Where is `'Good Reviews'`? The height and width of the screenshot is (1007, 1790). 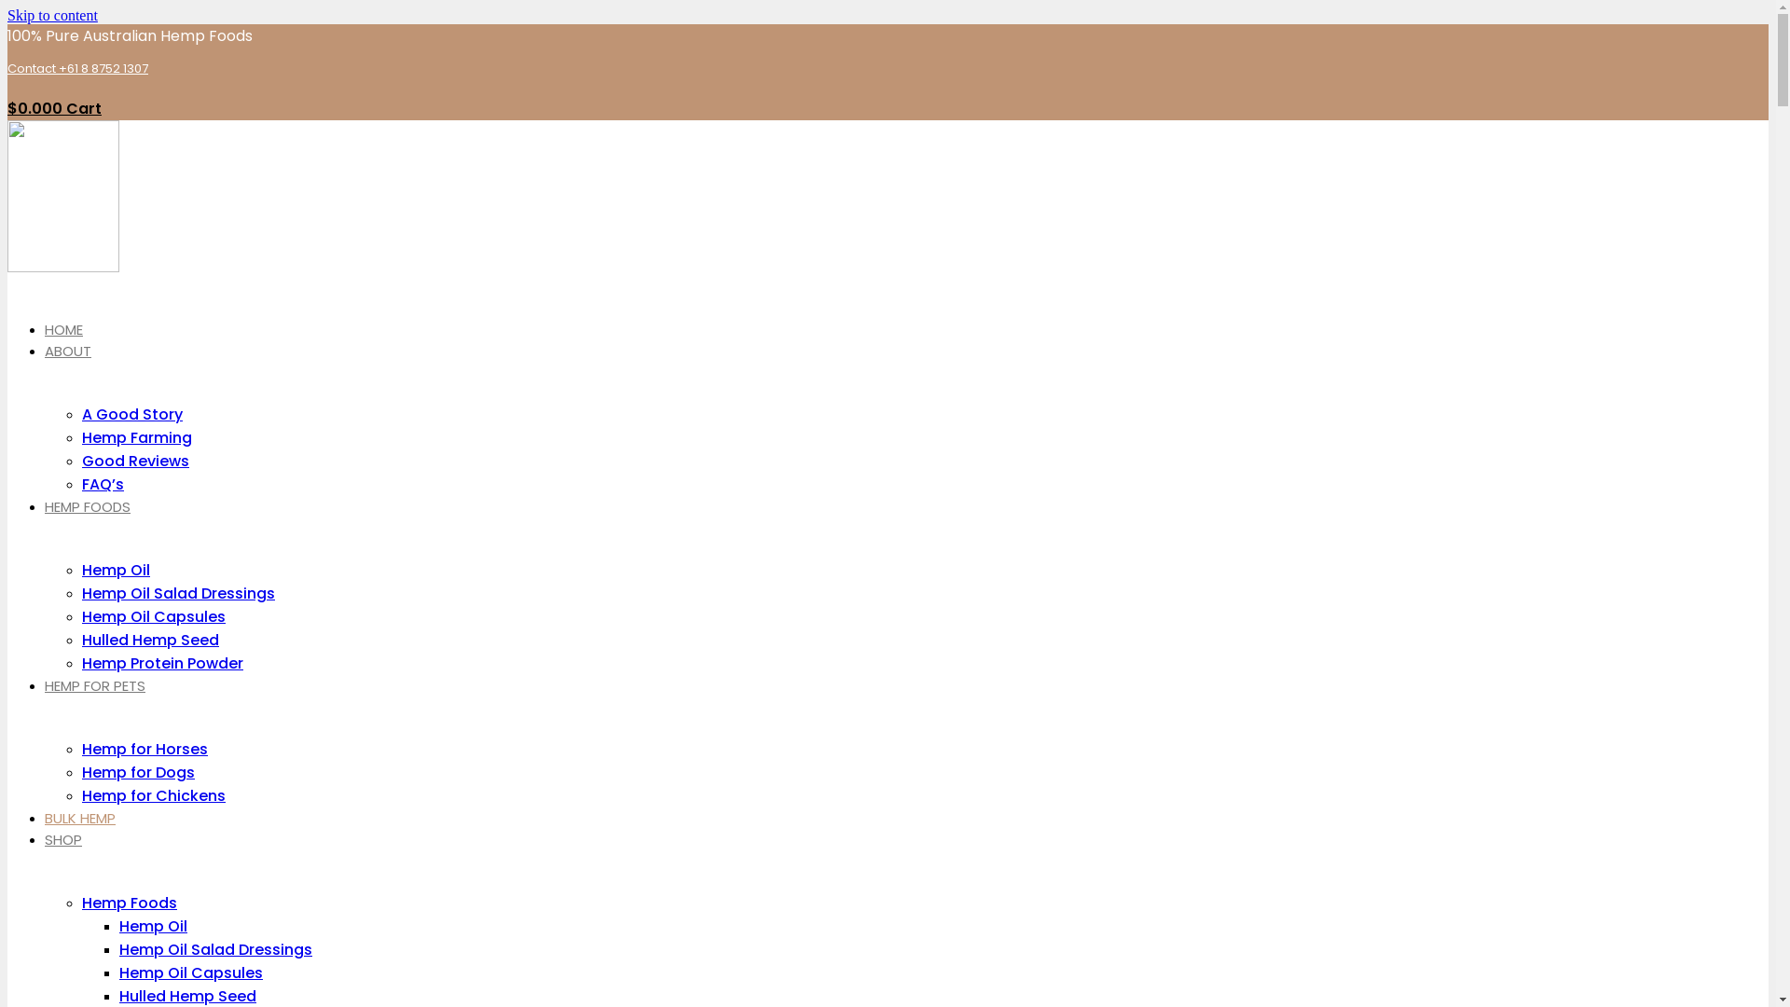 'Good Reviews' is located at coordinates (80, 461).